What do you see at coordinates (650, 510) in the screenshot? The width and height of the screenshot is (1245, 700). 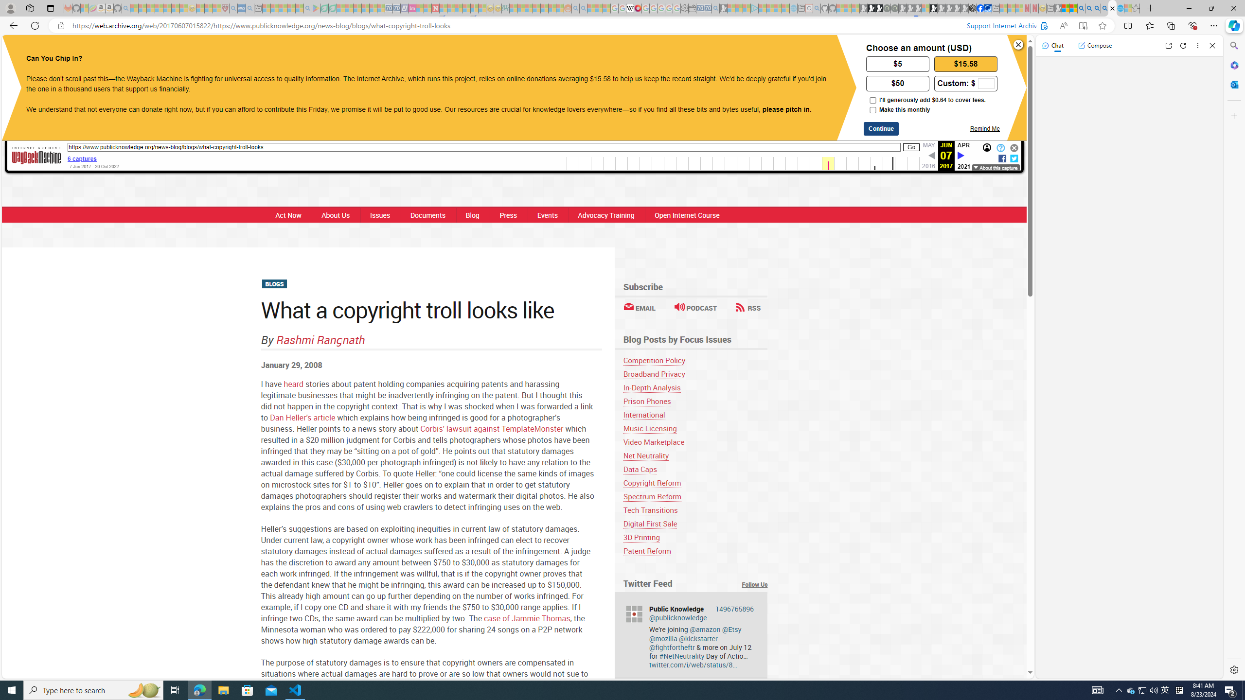 I see `'Tech Transitions'` at bounding box center [650, 510].